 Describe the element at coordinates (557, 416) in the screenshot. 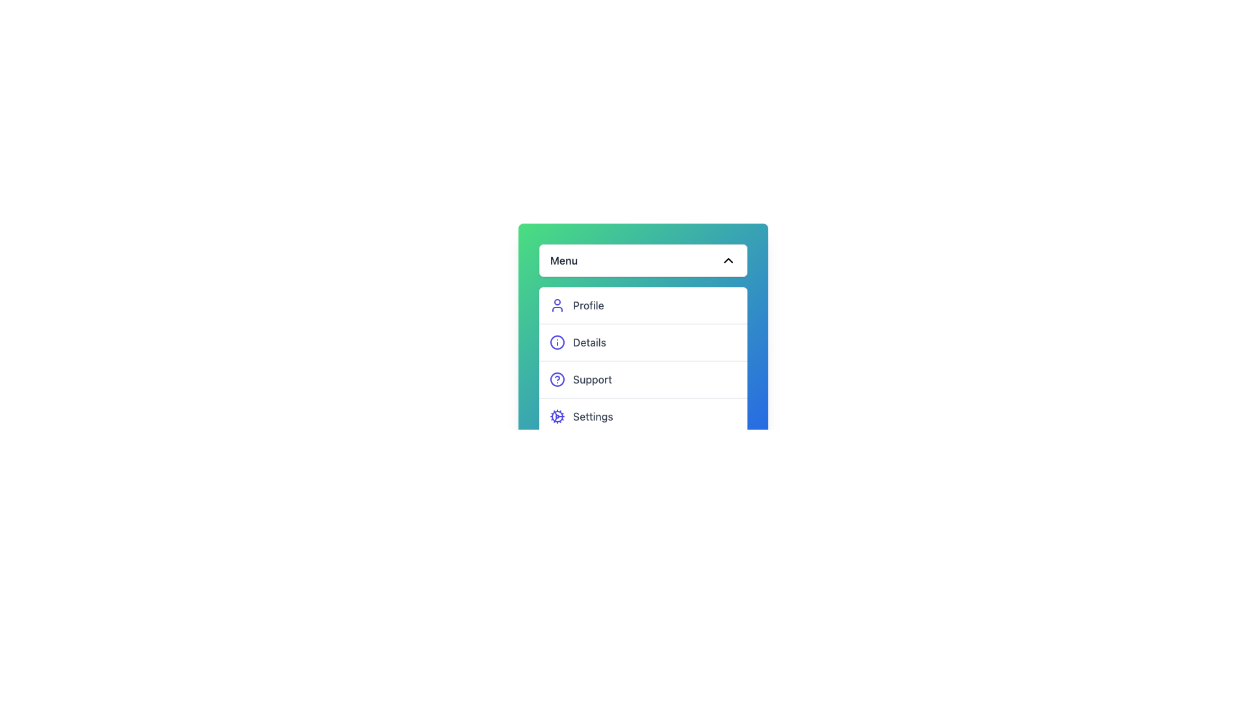

I see `the settings cog icon` at that location.